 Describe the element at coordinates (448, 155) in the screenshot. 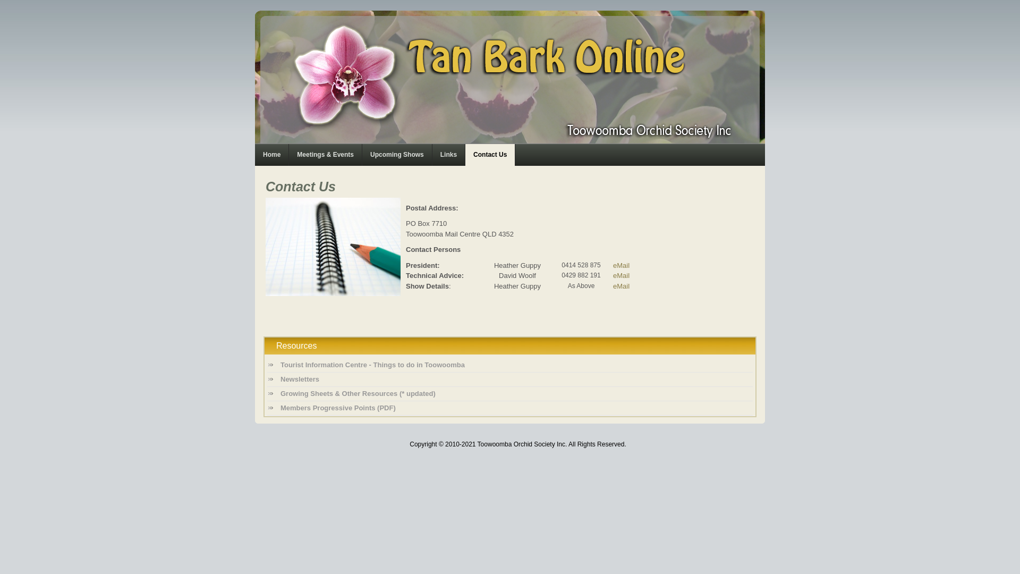

I see `'Links'` at that location.